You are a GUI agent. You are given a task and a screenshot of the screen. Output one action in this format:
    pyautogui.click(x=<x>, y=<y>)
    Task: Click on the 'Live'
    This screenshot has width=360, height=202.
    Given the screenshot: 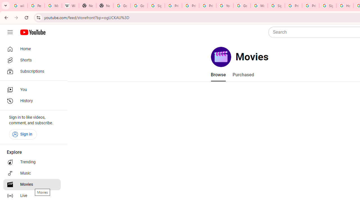 What is the action you would take?
    pyautogui.click(x=31, y=196)
    